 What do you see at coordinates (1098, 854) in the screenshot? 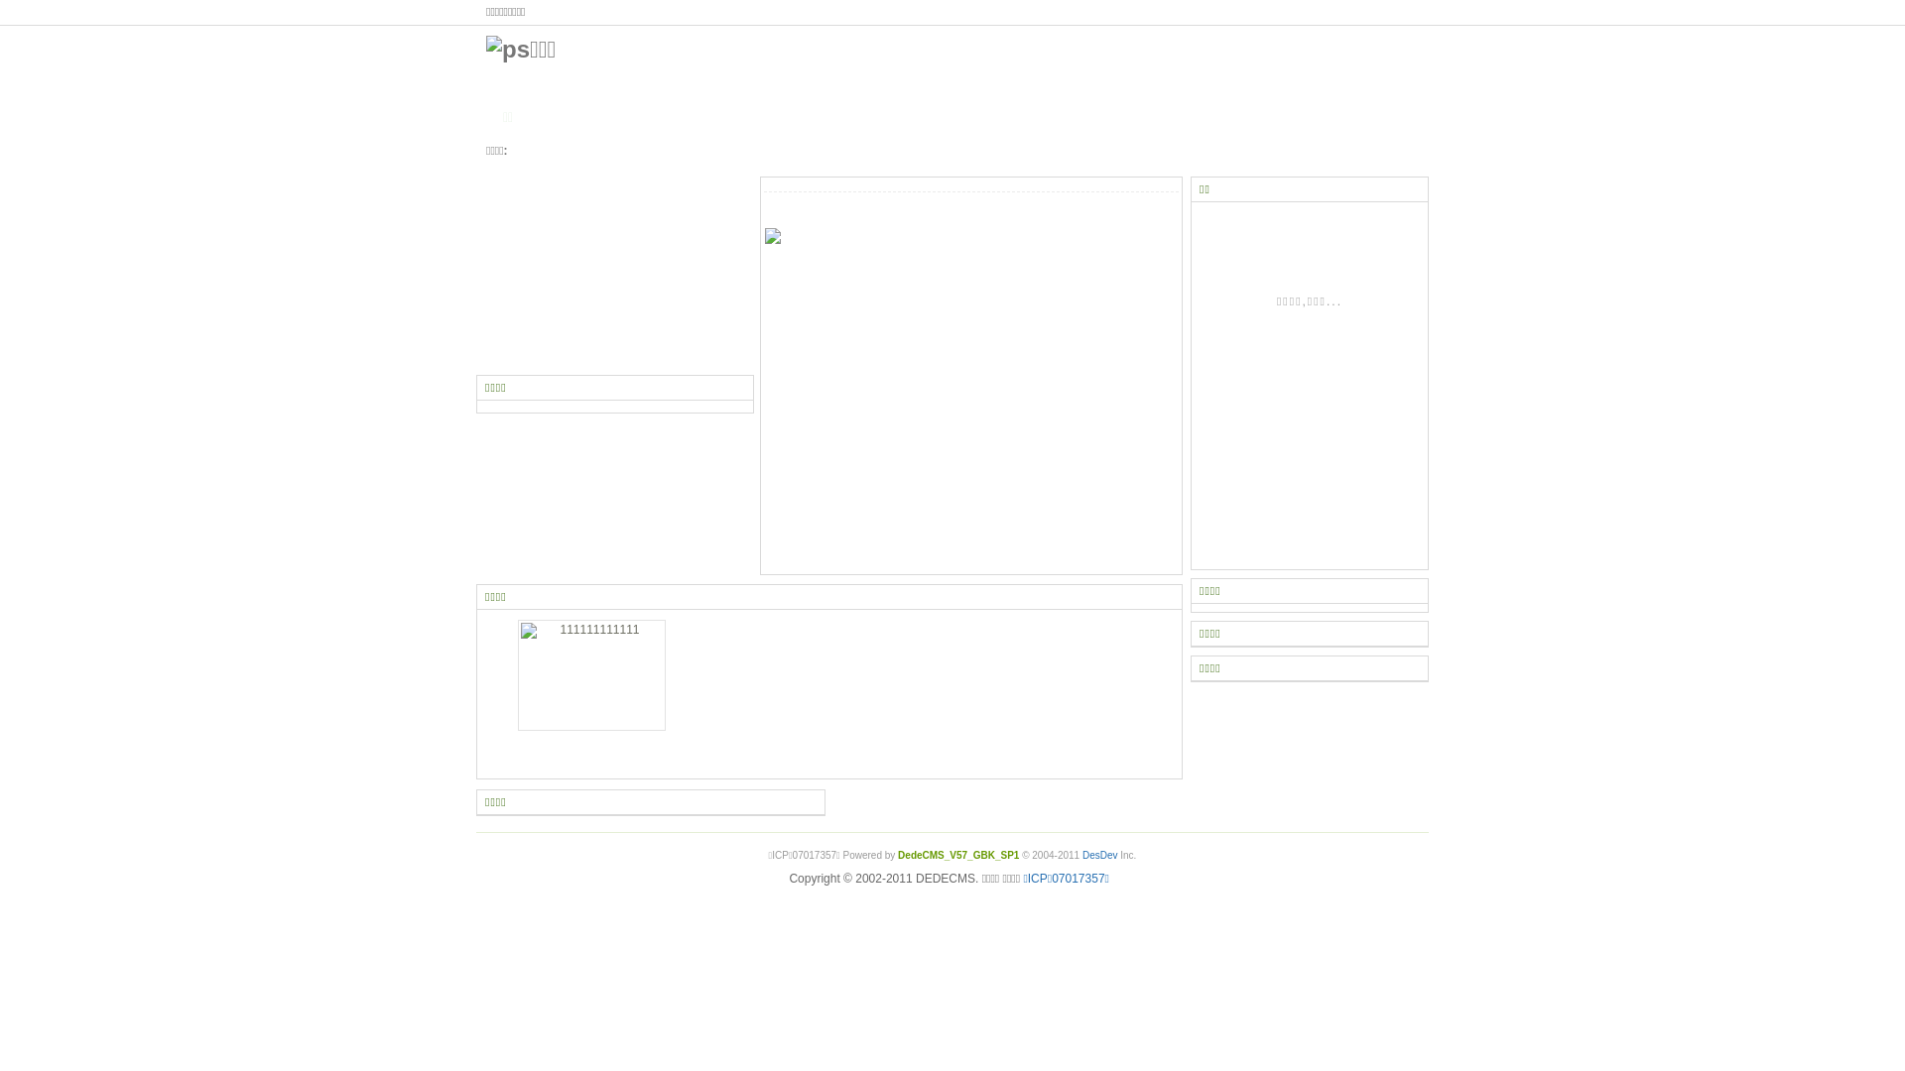
I see `'DesDev'` at bounding box center [1098, 854].